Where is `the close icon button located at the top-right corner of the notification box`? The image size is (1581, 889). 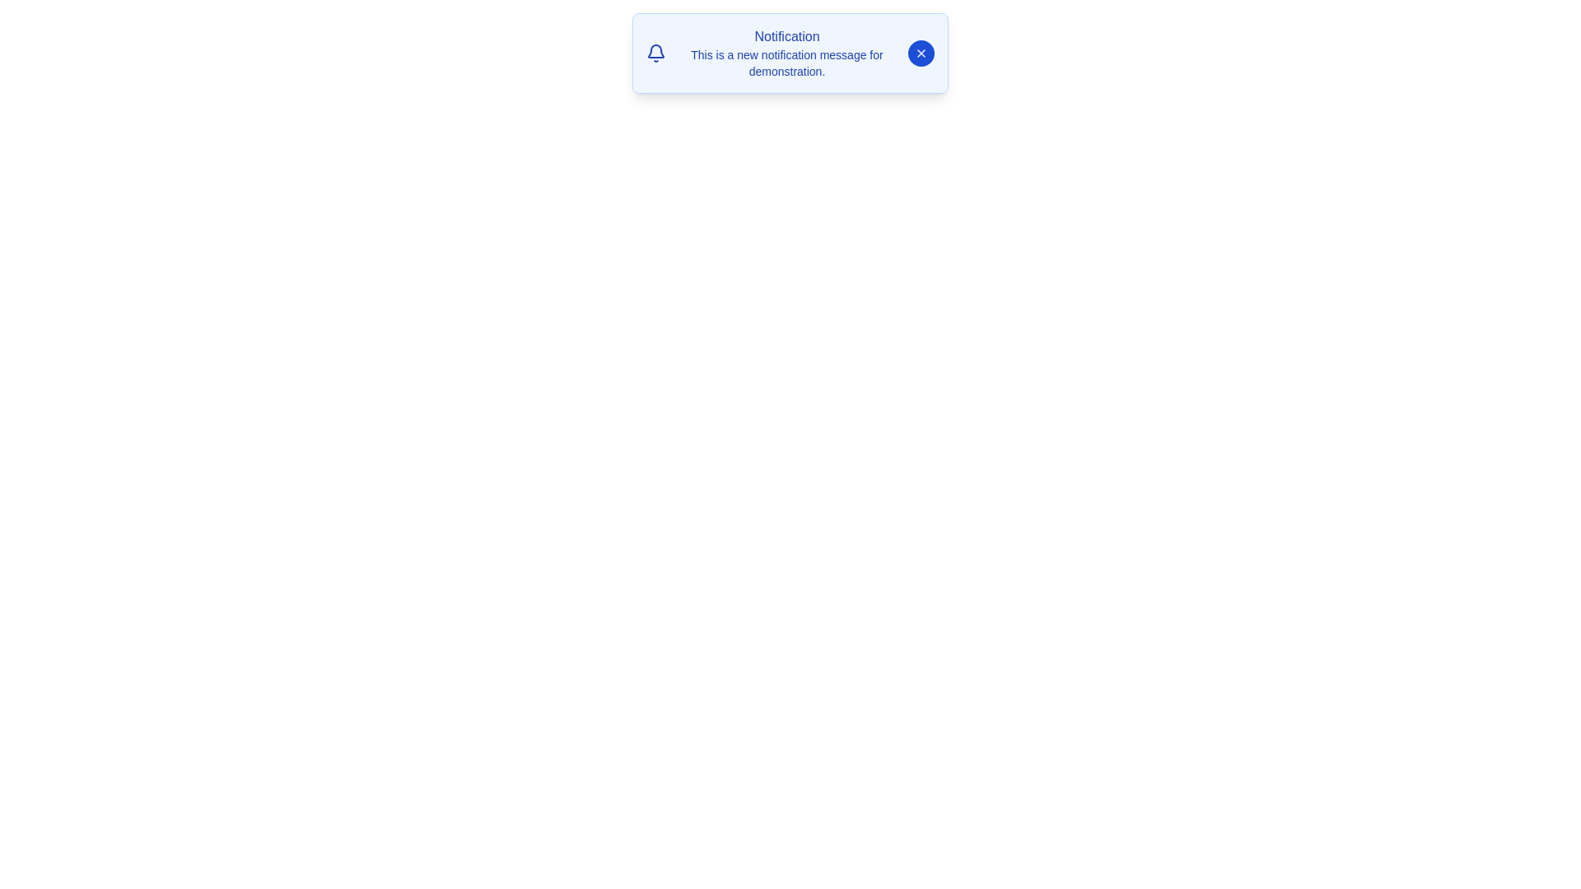
the close icon button located at the top-right corner of the notification box is located at coordinates (920, 53).